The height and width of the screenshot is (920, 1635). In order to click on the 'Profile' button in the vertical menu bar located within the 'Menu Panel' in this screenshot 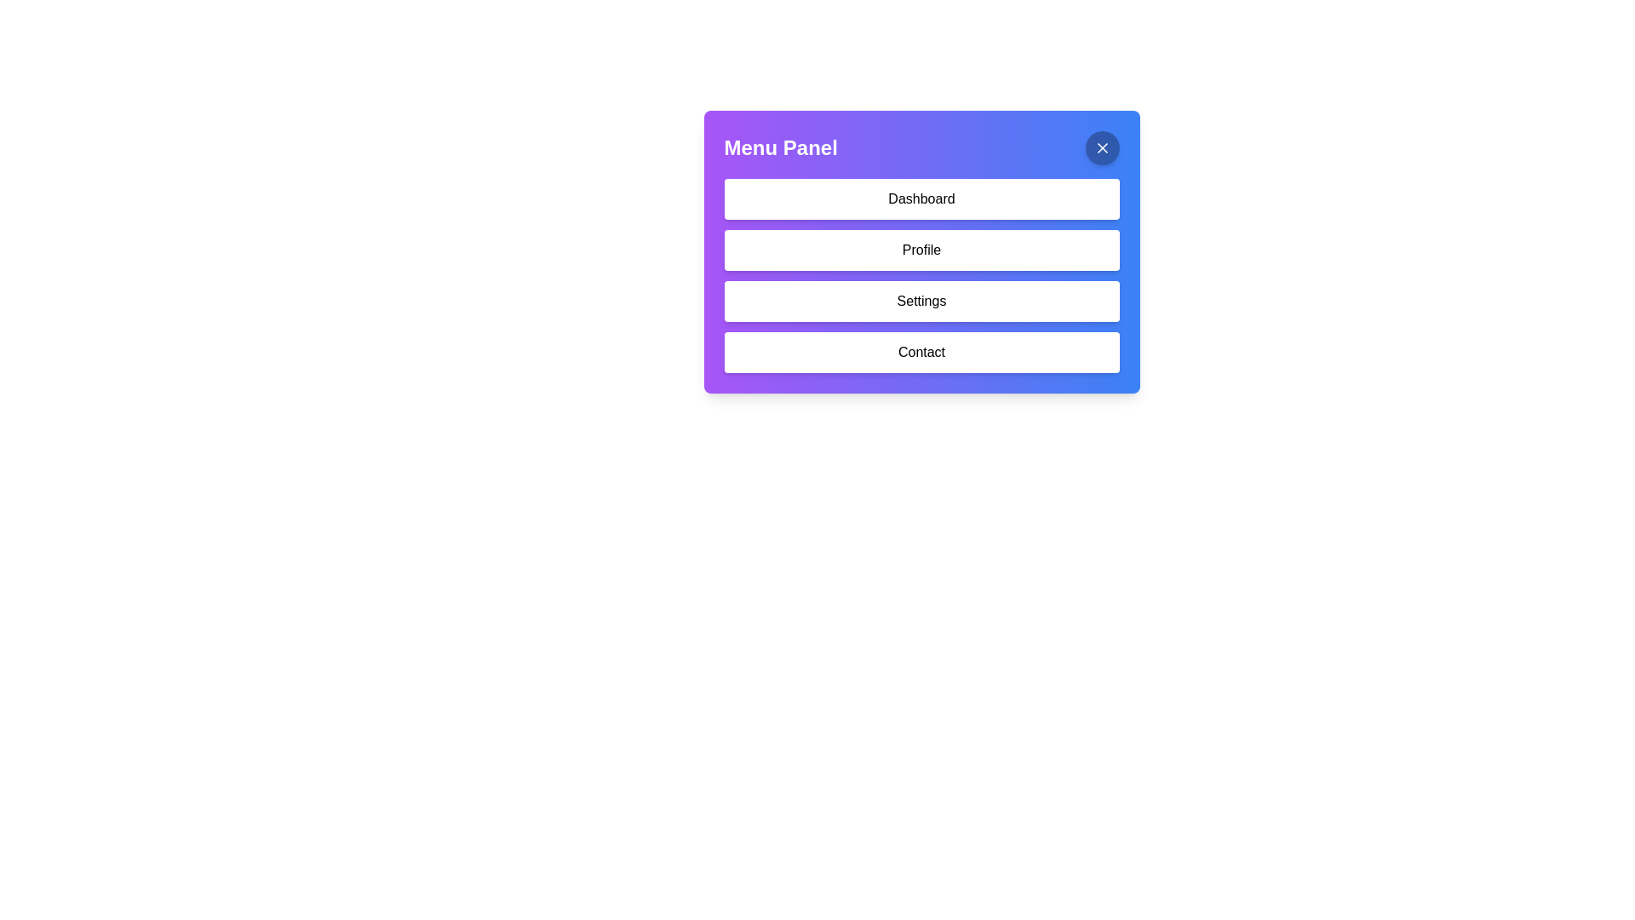, I will do `click(921, 275)`.